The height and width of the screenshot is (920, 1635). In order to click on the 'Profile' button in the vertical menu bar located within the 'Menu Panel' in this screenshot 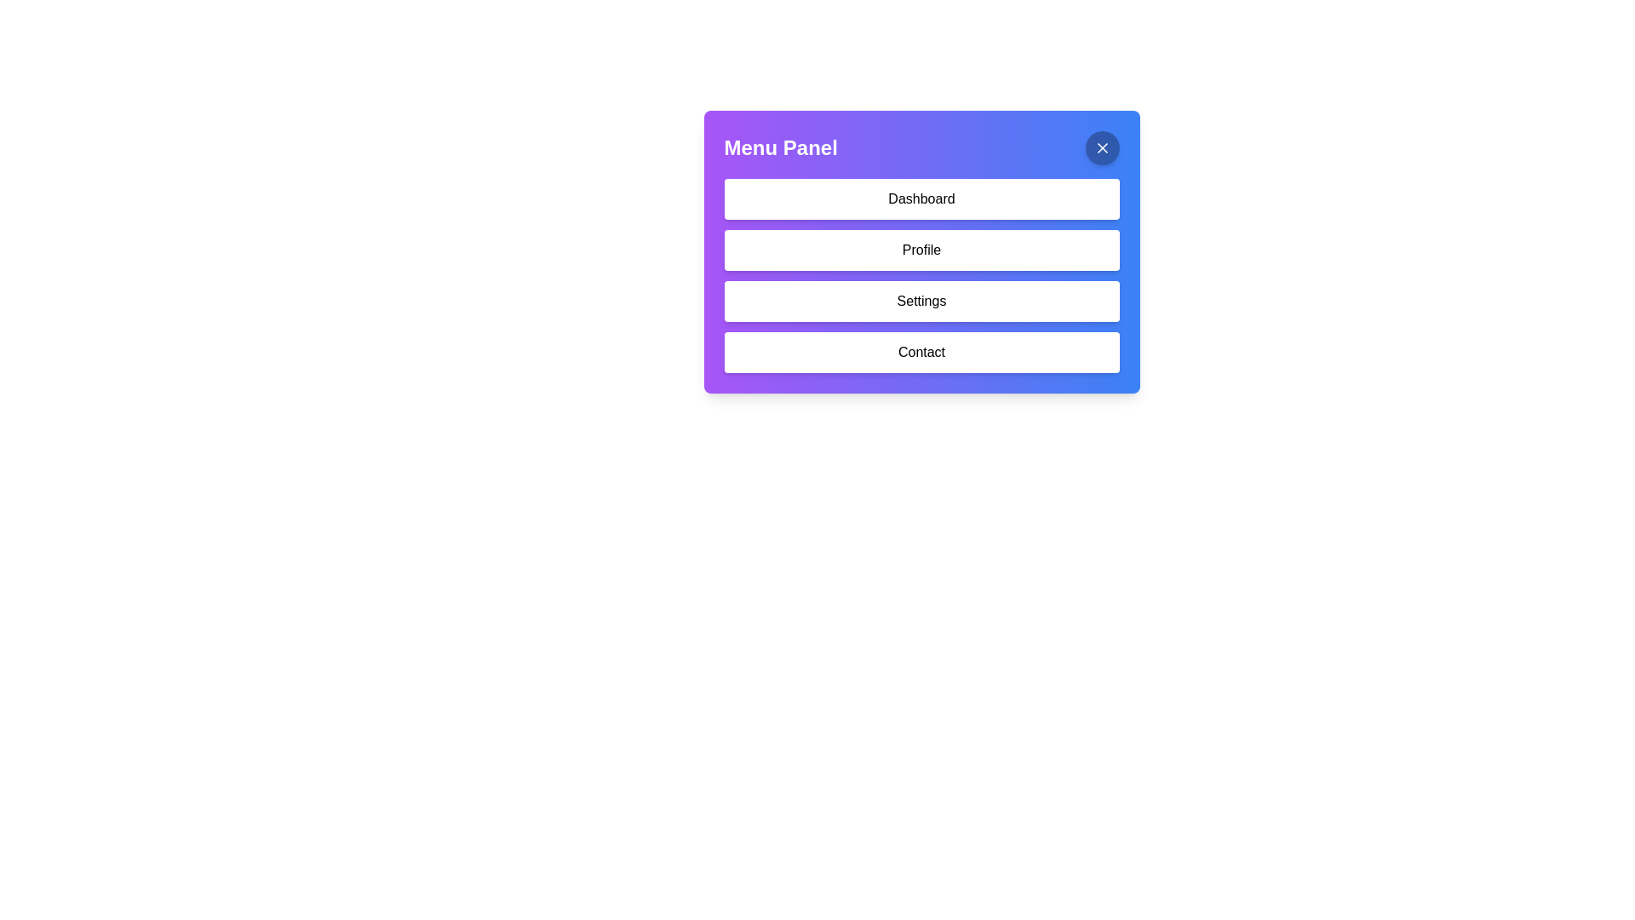, I will do `click(921, 275)`.